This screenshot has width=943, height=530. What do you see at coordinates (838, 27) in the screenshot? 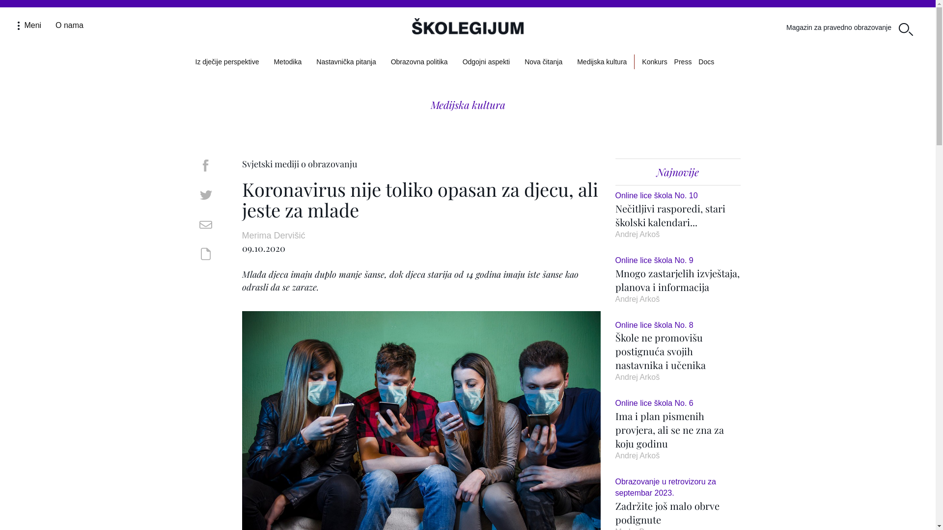
I see `'Magazin za pravedno obrazovanje'` at bounding box center [838, 27].